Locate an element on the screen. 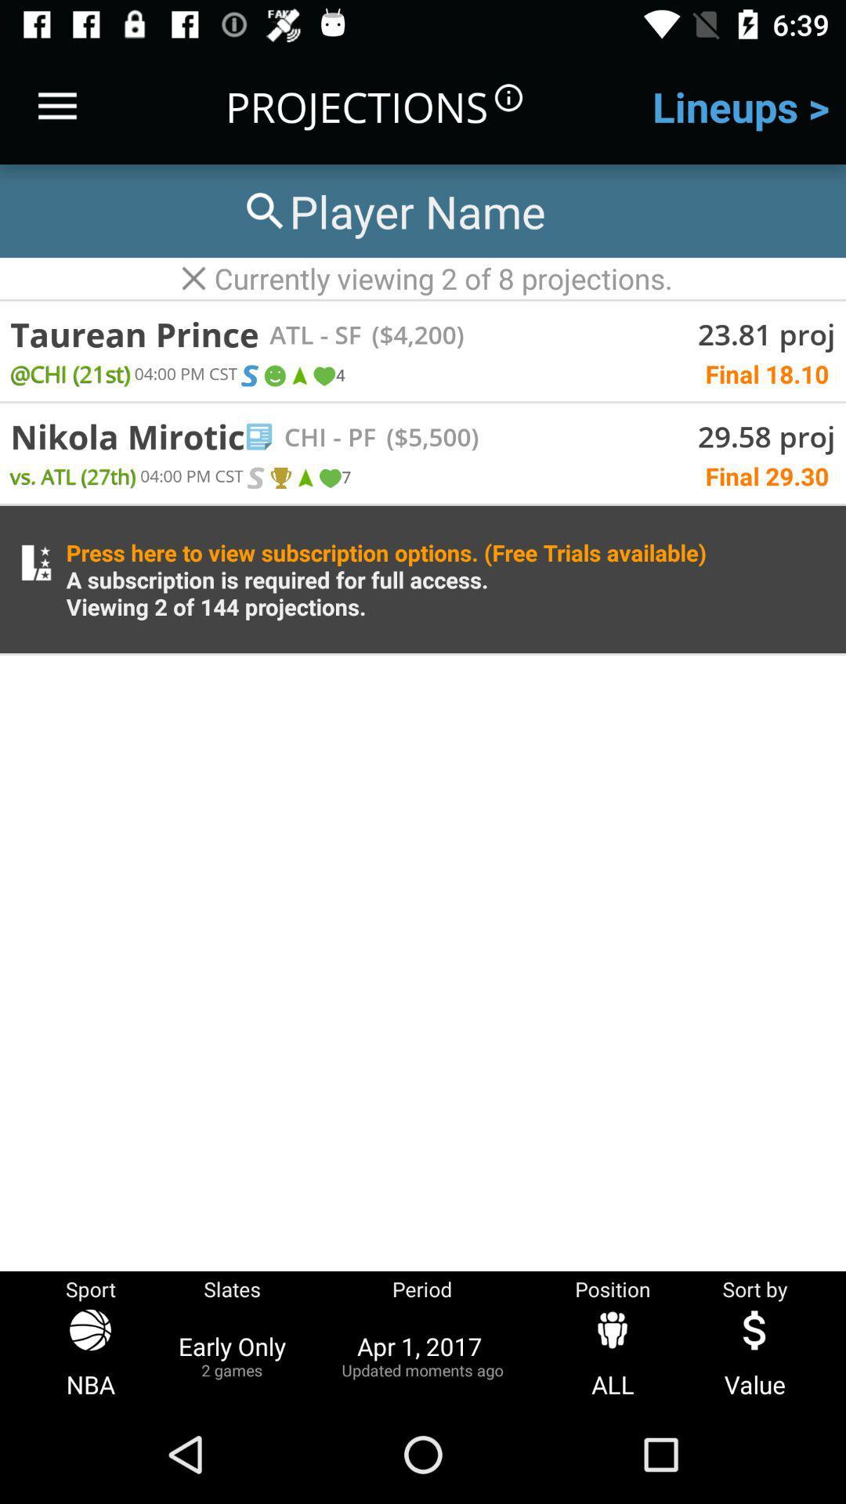  the  first option after the text 21st0400 pm cst is located at coordinates (249, 376).